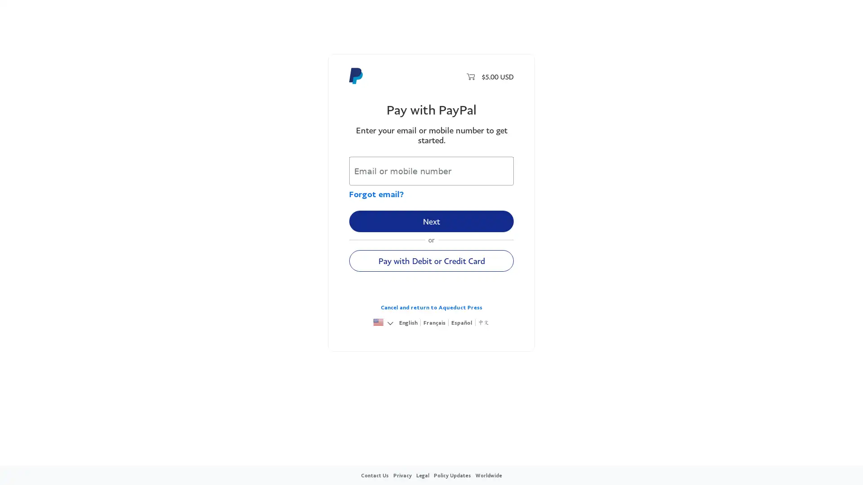 Image resolution: width=863 pixels, height=485 pixels. What do you see at coordinates (431, 261) in the screenshot?
I see `Pay with Debit or Credit Card` at bounding box center [431, 261].